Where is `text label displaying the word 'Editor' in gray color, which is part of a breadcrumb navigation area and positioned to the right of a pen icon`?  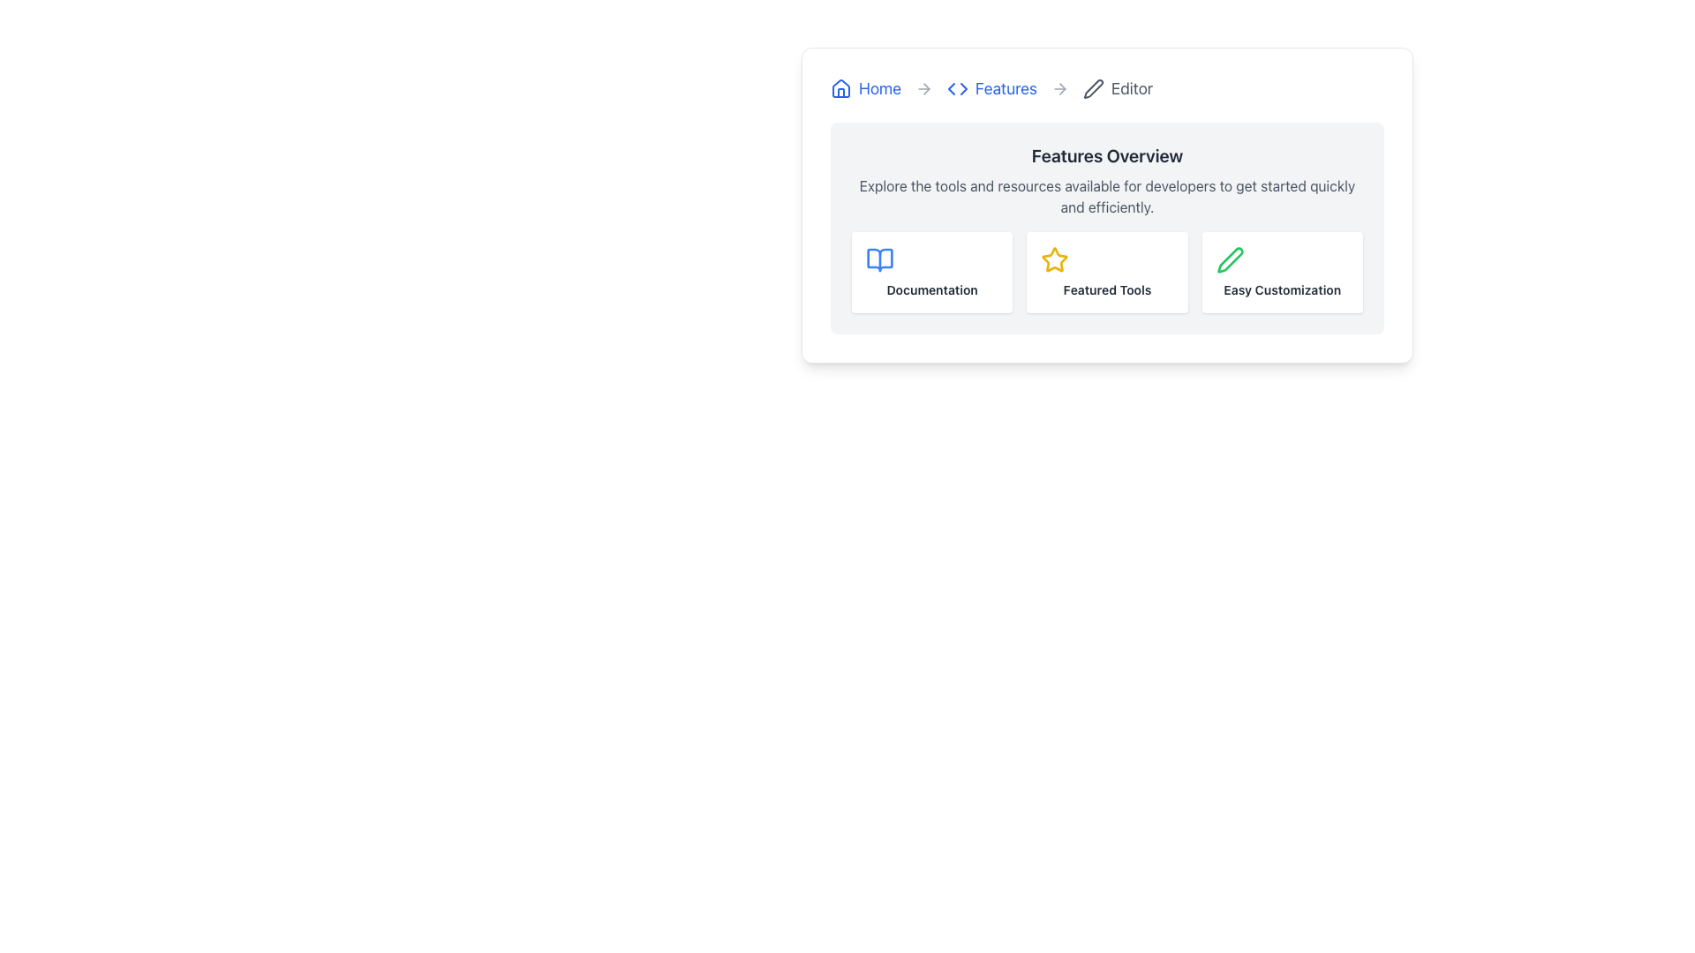
text label displaying the word 'Editor' in gray color, which is part of a breadcrumb navigation area and positioned to the right of a pen icon is located at coordinates (1132, 88).